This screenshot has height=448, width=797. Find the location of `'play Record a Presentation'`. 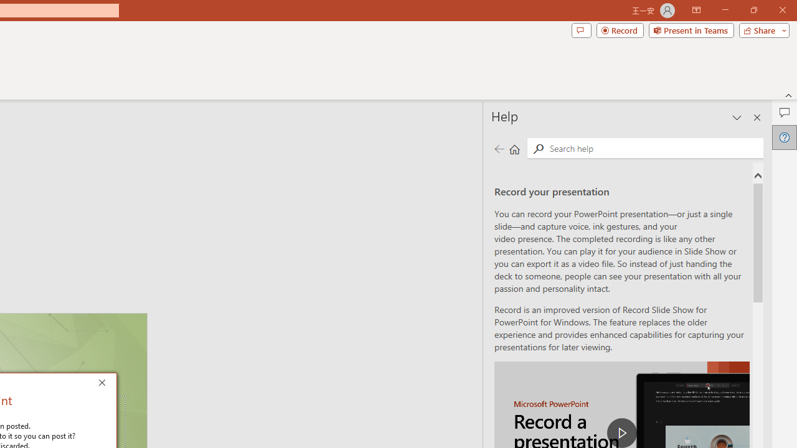

'play Record a Presentation' is located at coordinates (622, 432).